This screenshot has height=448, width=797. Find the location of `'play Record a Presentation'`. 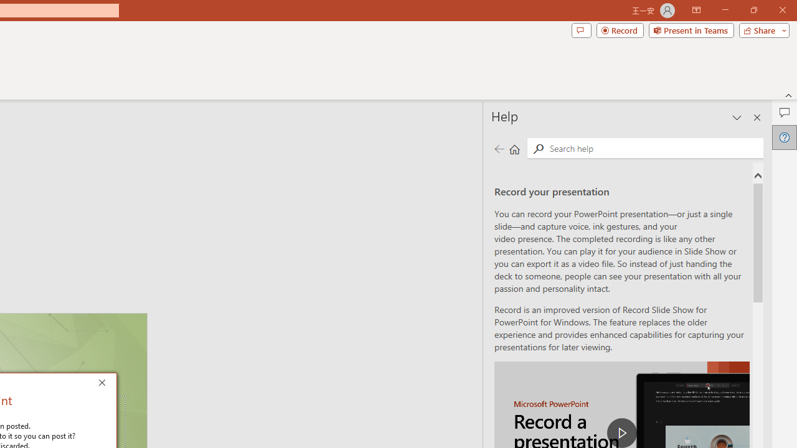

'play Record a Presentation' is located at coordinates (622, 432).